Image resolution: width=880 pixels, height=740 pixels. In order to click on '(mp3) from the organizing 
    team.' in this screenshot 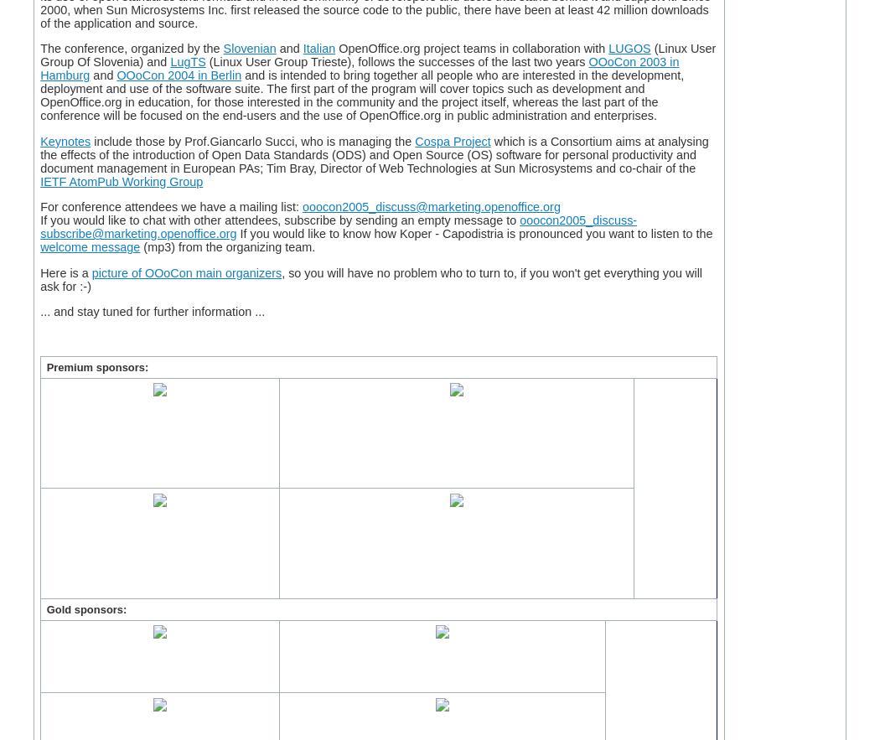, I will do `click(226, 247)`.